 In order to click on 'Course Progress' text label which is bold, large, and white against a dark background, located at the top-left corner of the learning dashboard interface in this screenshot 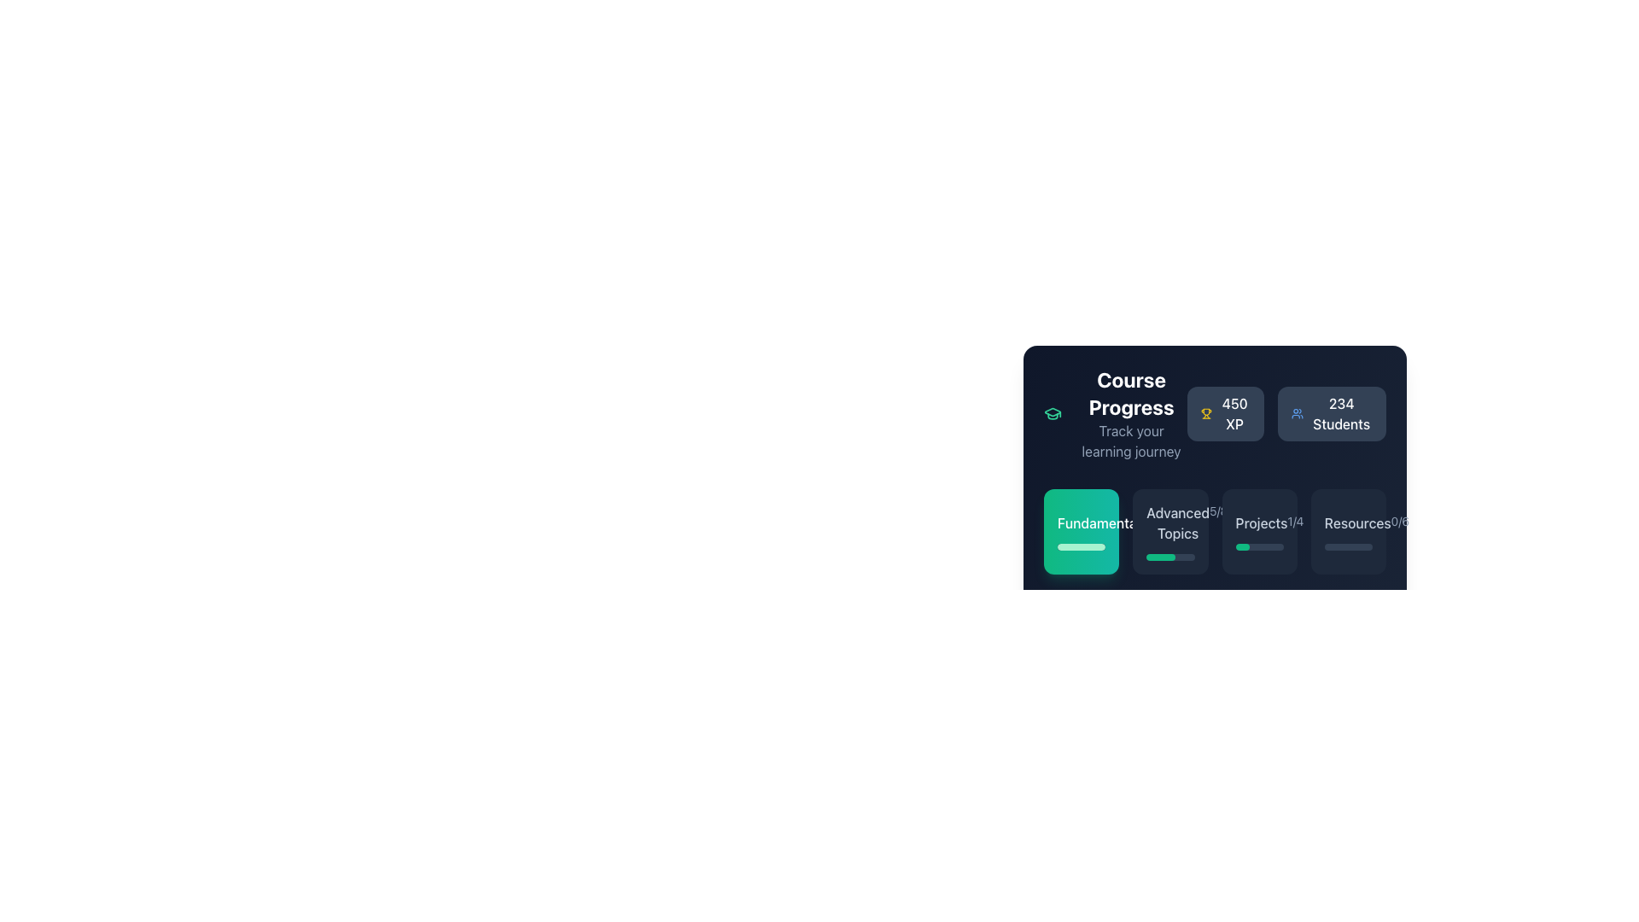, I will do `click(1131, 394)`.